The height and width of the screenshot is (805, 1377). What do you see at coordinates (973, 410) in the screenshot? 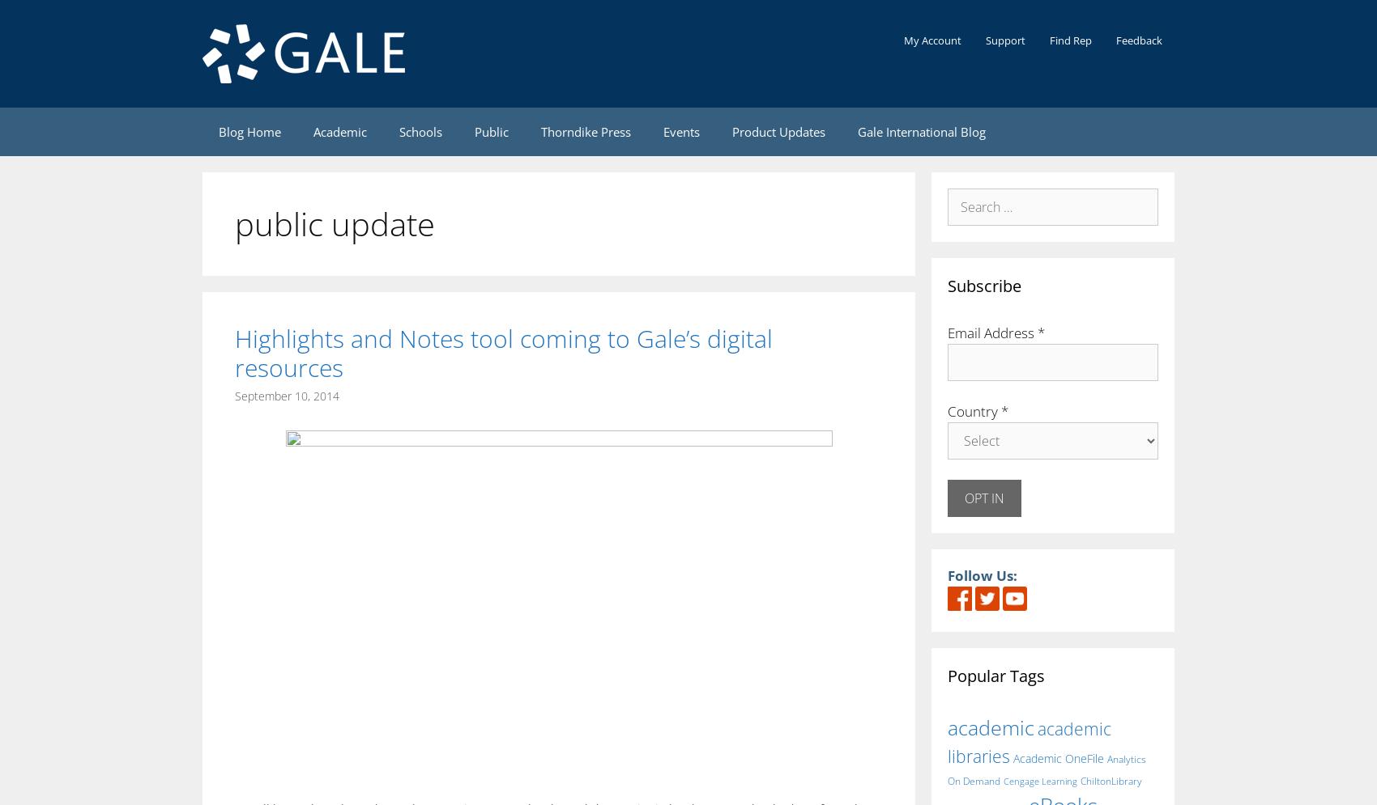
I see `'Country'` at bounding box center [973, 410].